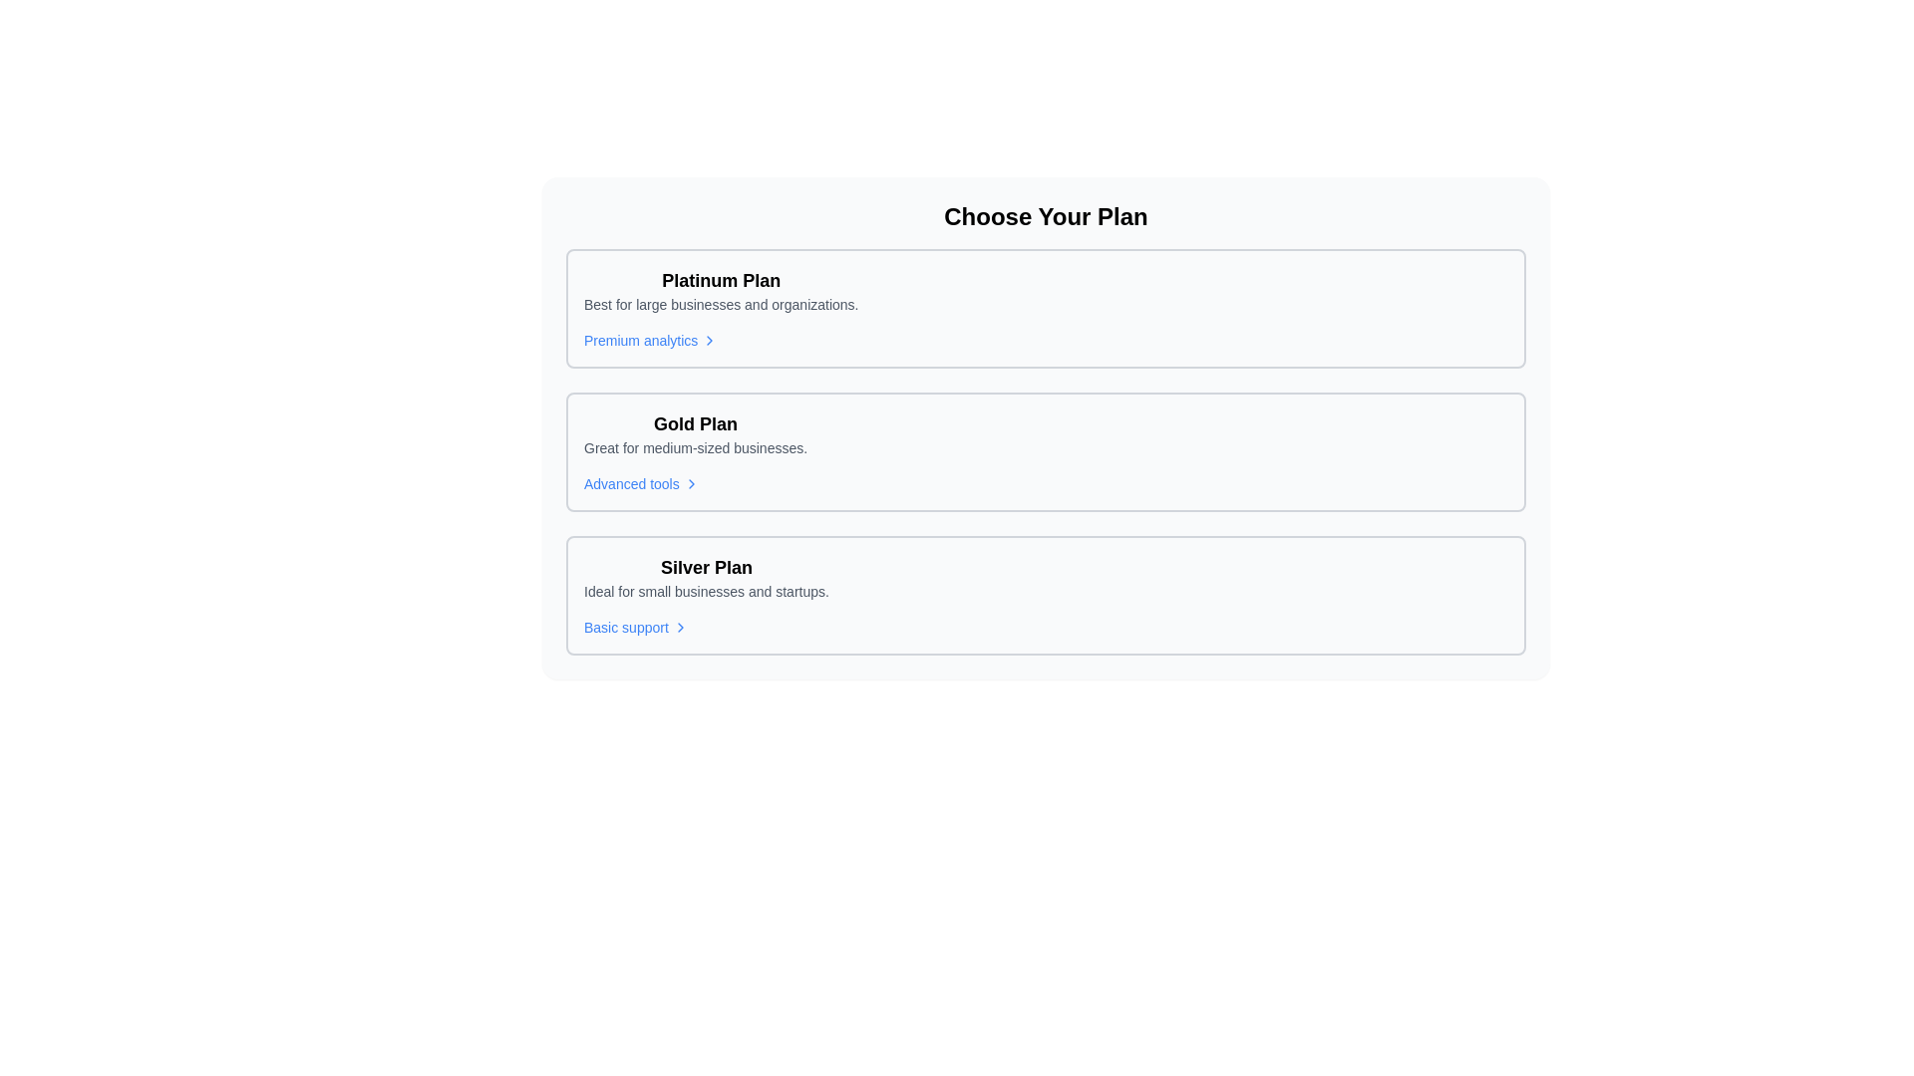  I want to click on displayed text of the first list item titled 'Platinum Plan' which highlights it as the most prominent option above 'Gold Plan' and 'Silver Plan', so click(720, 291).